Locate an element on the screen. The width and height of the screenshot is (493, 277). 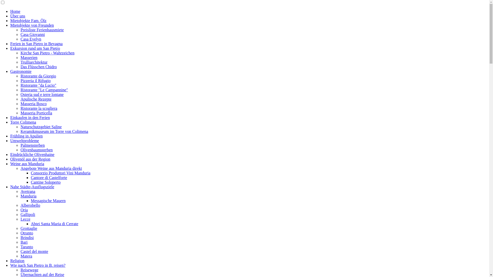
'Trulliarchitektur' is located at coordinates (21, 62).